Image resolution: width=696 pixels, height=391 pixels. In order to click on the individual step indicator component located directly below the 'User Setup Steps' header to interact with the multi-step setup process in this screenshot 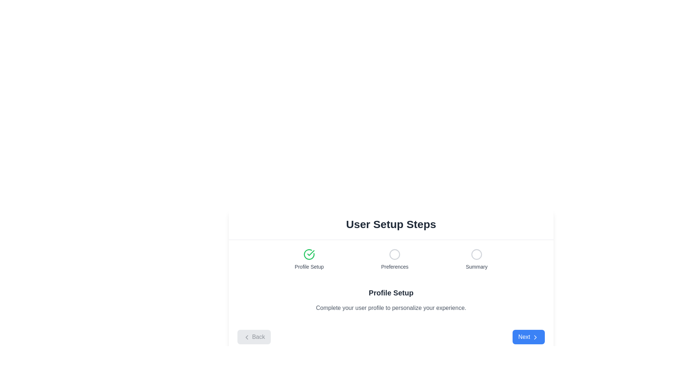, I will do `click(391, 259)`.